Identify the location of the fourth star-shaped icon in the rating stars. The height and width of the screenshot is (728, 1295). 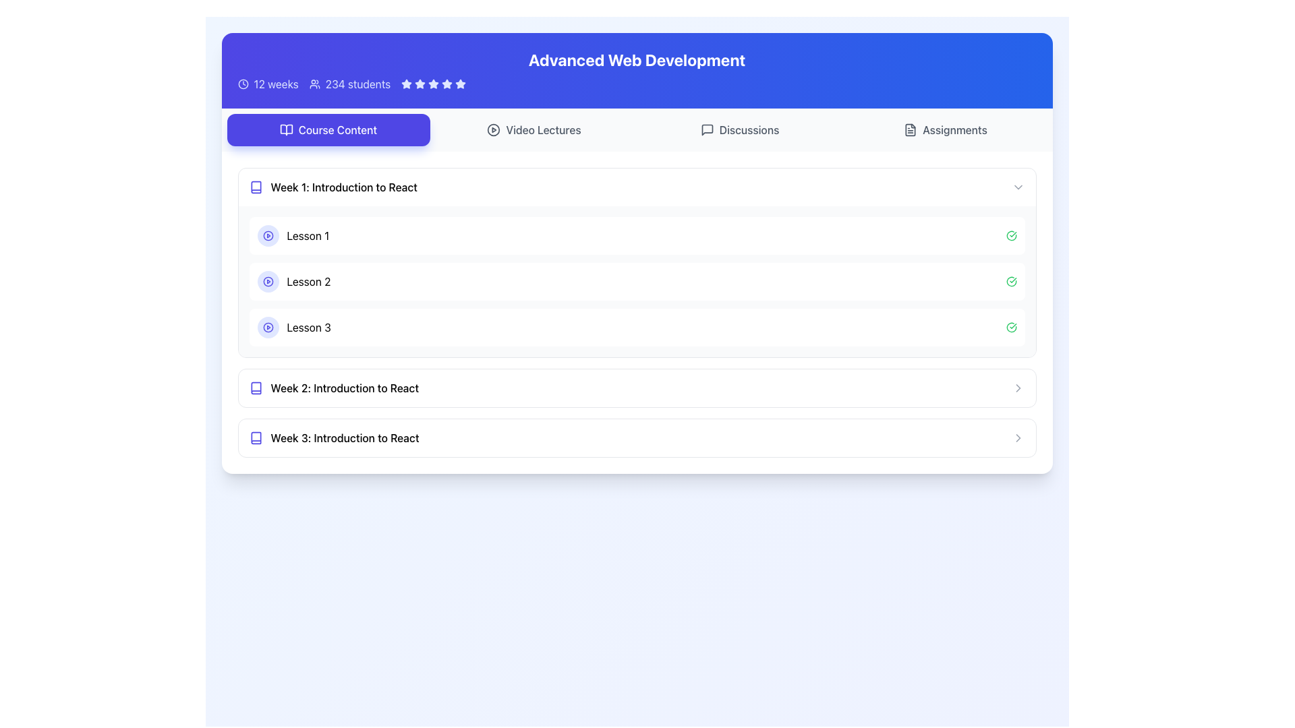
(434, 84).